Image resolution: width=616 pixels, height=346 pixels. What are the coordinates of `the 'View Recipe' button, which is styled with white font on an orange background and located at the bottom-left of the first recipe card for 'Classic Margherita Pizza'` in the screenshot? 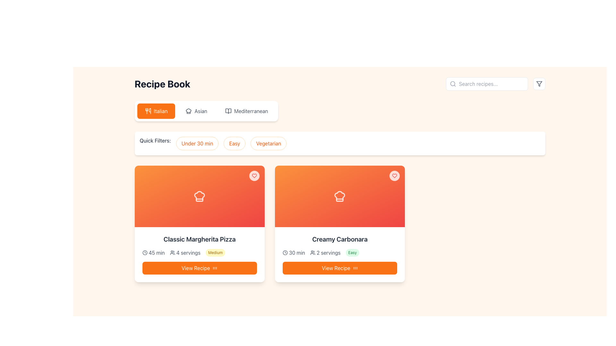 It's located at (195, 268).